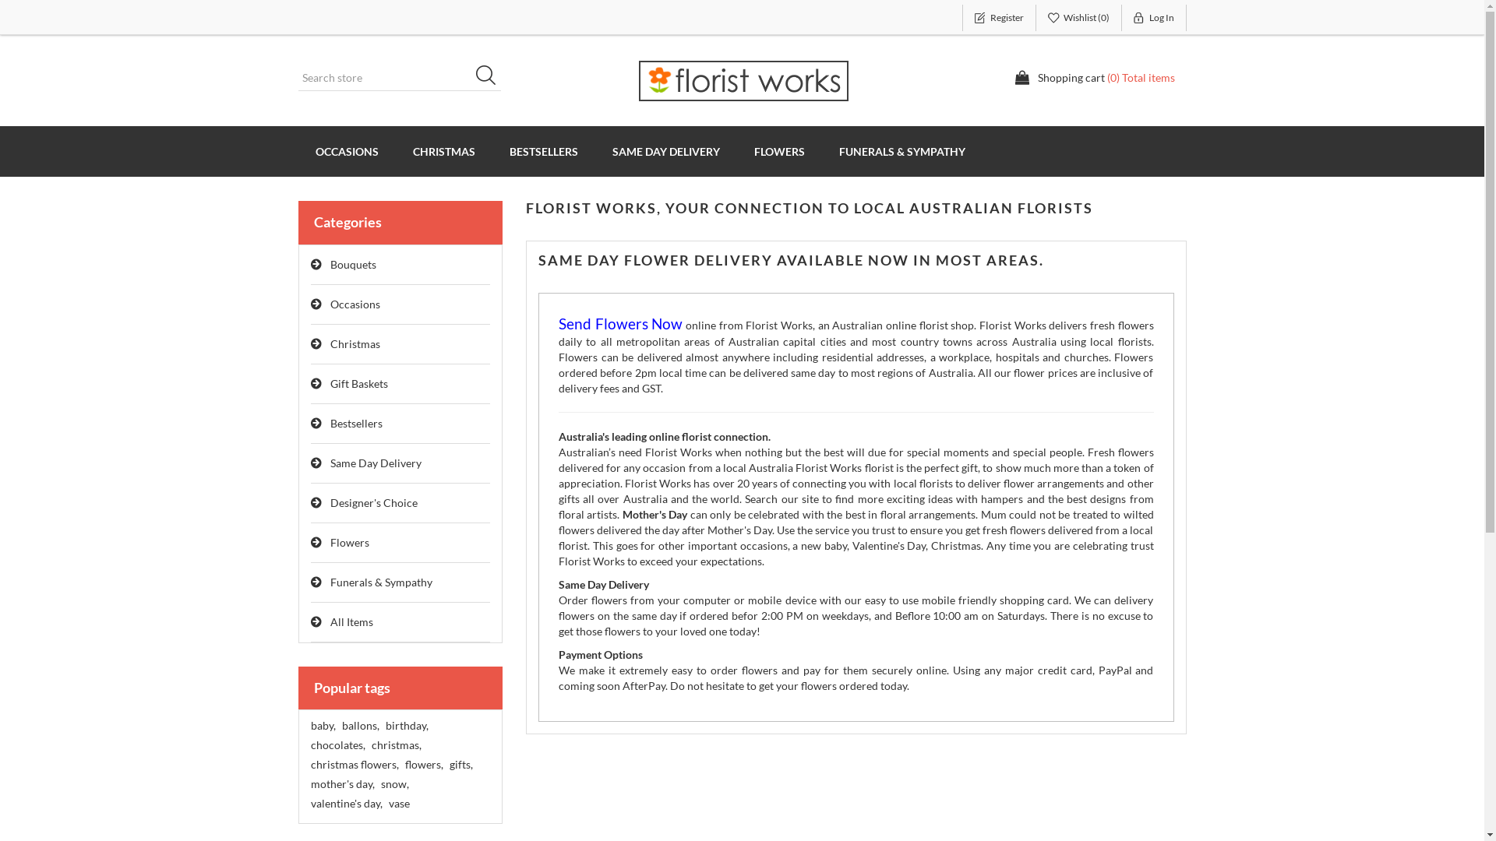 Image resolution: width=1496 pixels, height=841 pixels. Describe the element at coordinates (358, 726) in the screenshot. I see `'ballons,'` at that location.